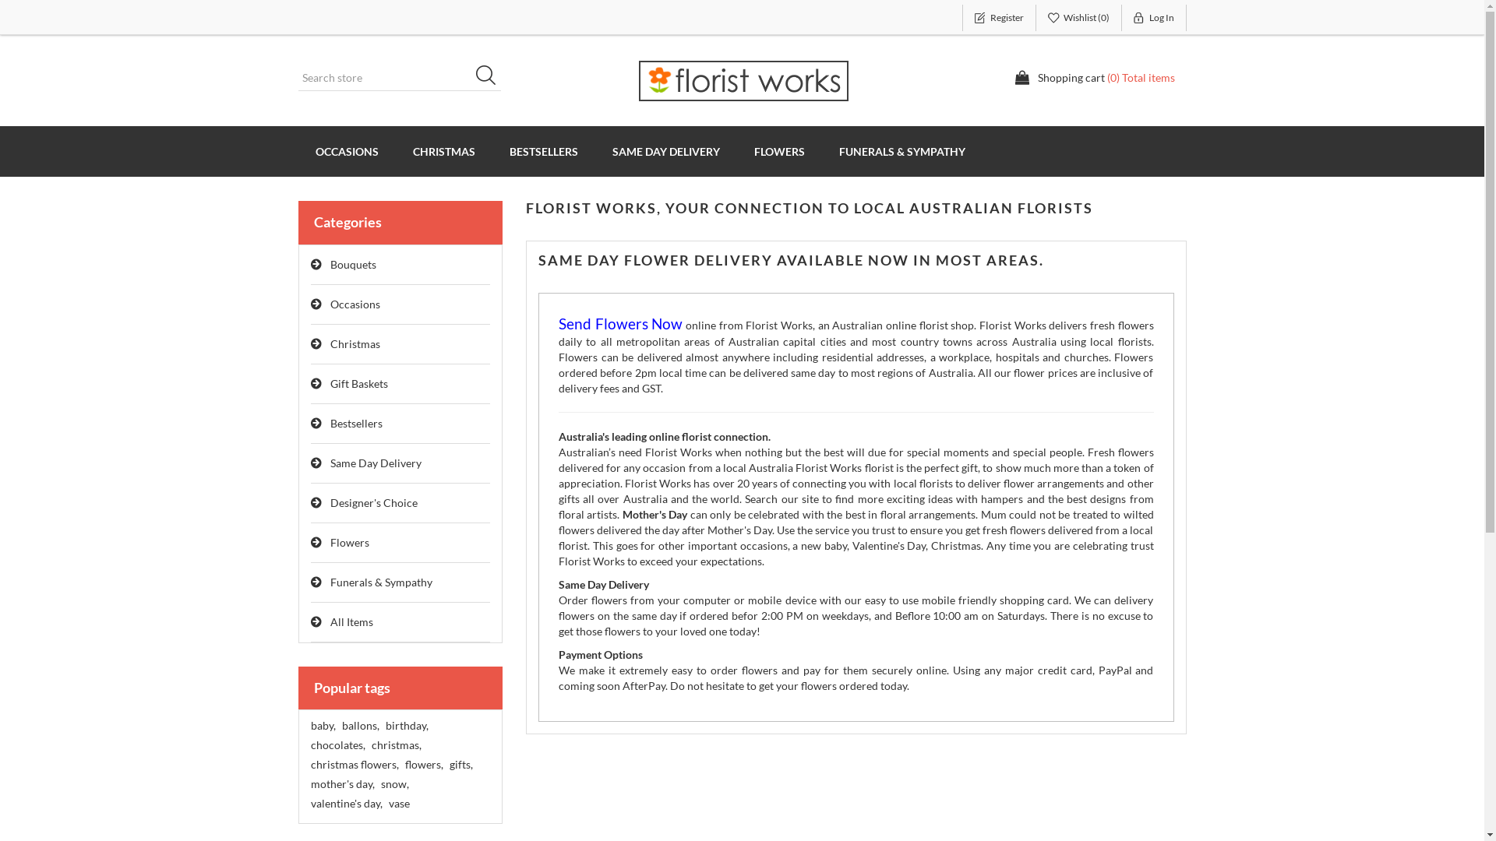 Image resolution: width=1496 pixels, height=841 pixels. Describe the element at coordinates (358, 726) in the screenshot. I see `'ballons,'` at that location.